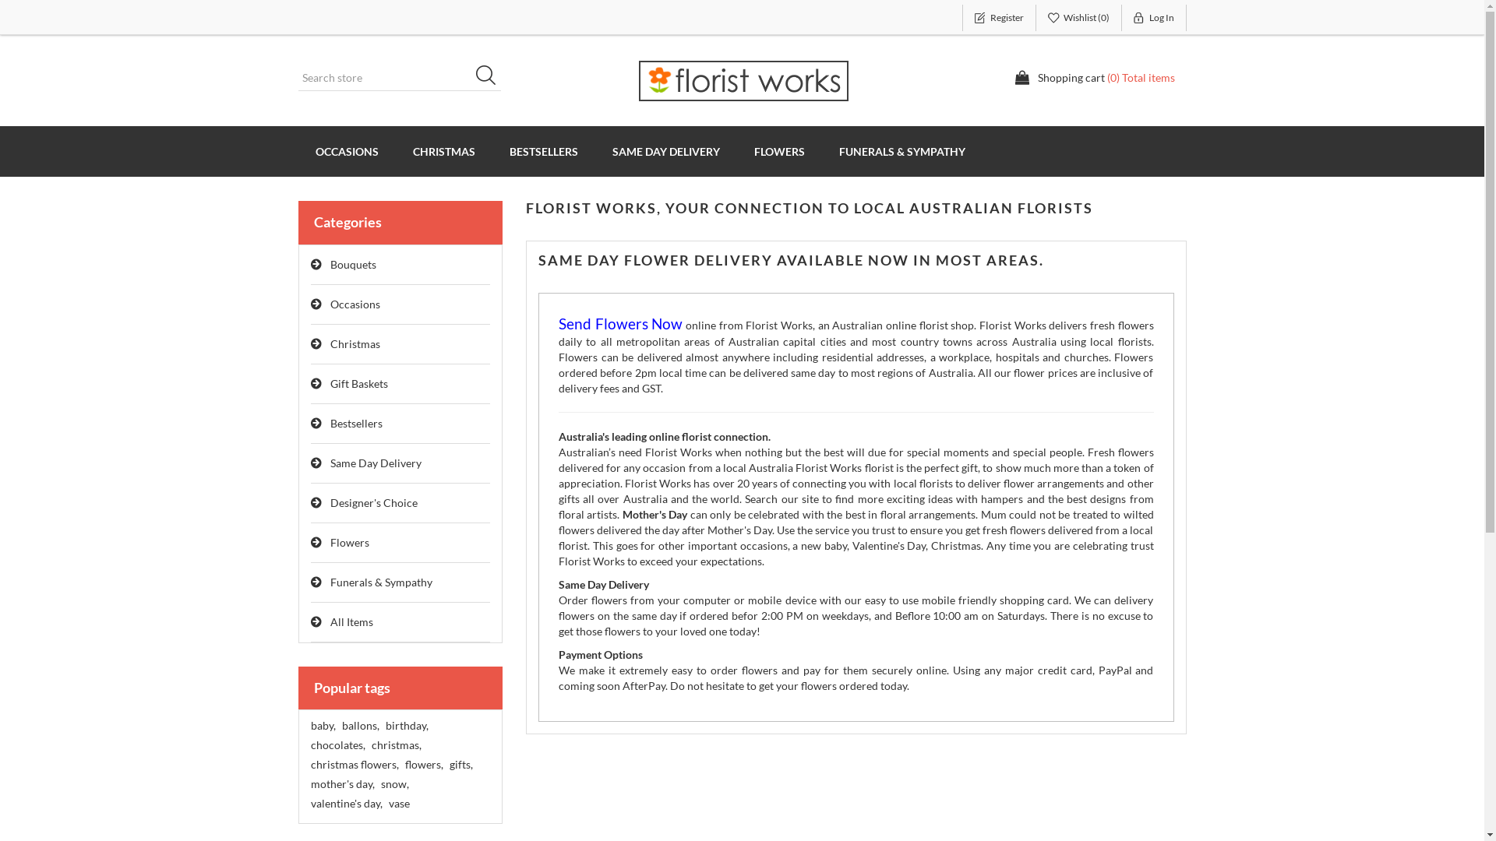 Image resolution: width=1496 pixels, height=841 pixels. Describe the element at coordinates (358, 726) in the screenshot. I see `'ballons,'` at that location.